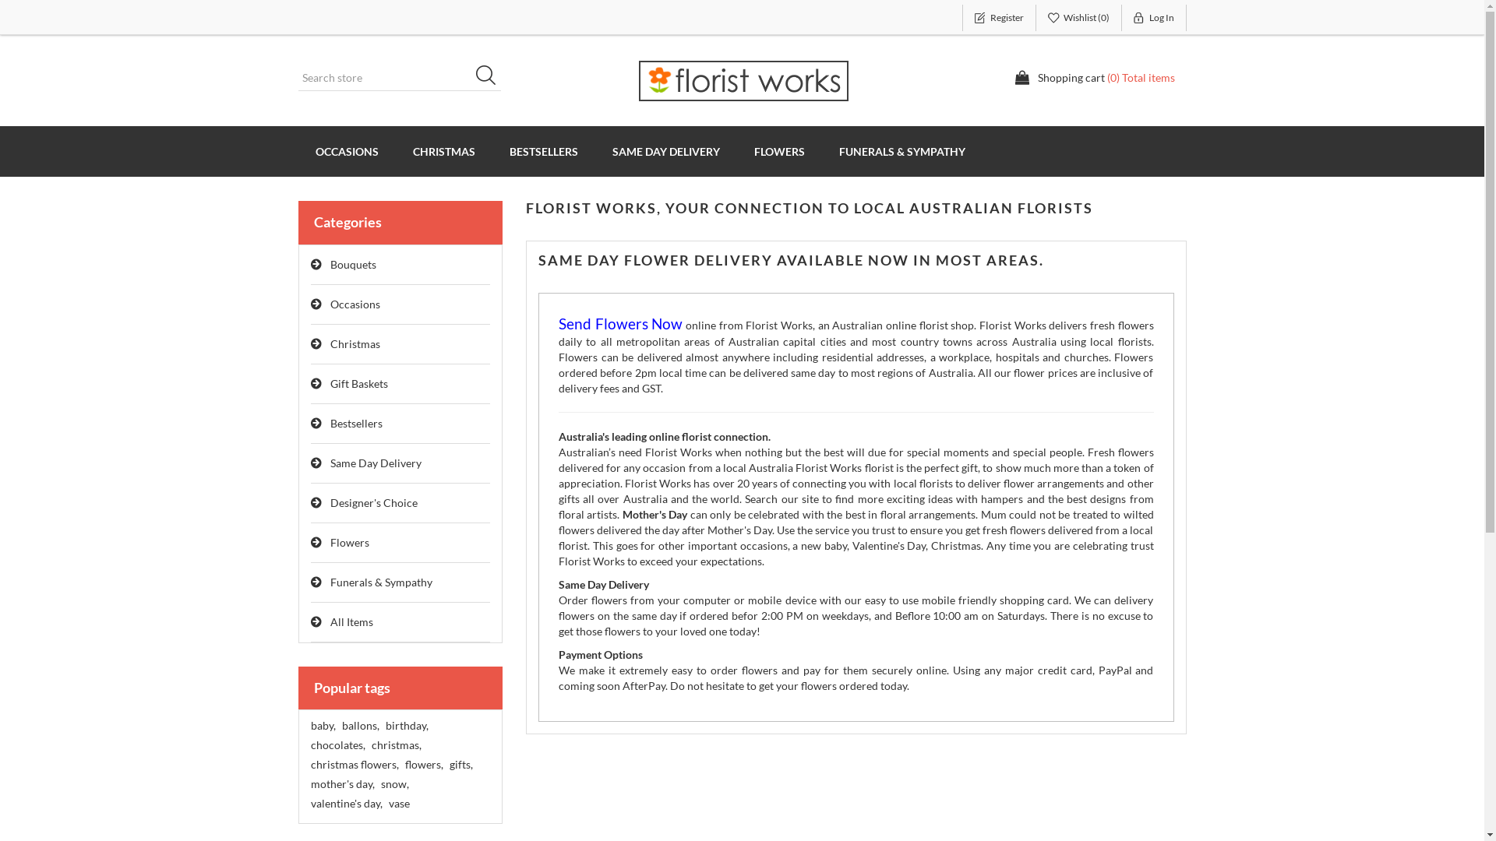 Image resolution: width=1496 pixels, height=841 pixels. Describe the element at coordinates (358, 726) in the screenshot. I see `'ballons,'` at that location.